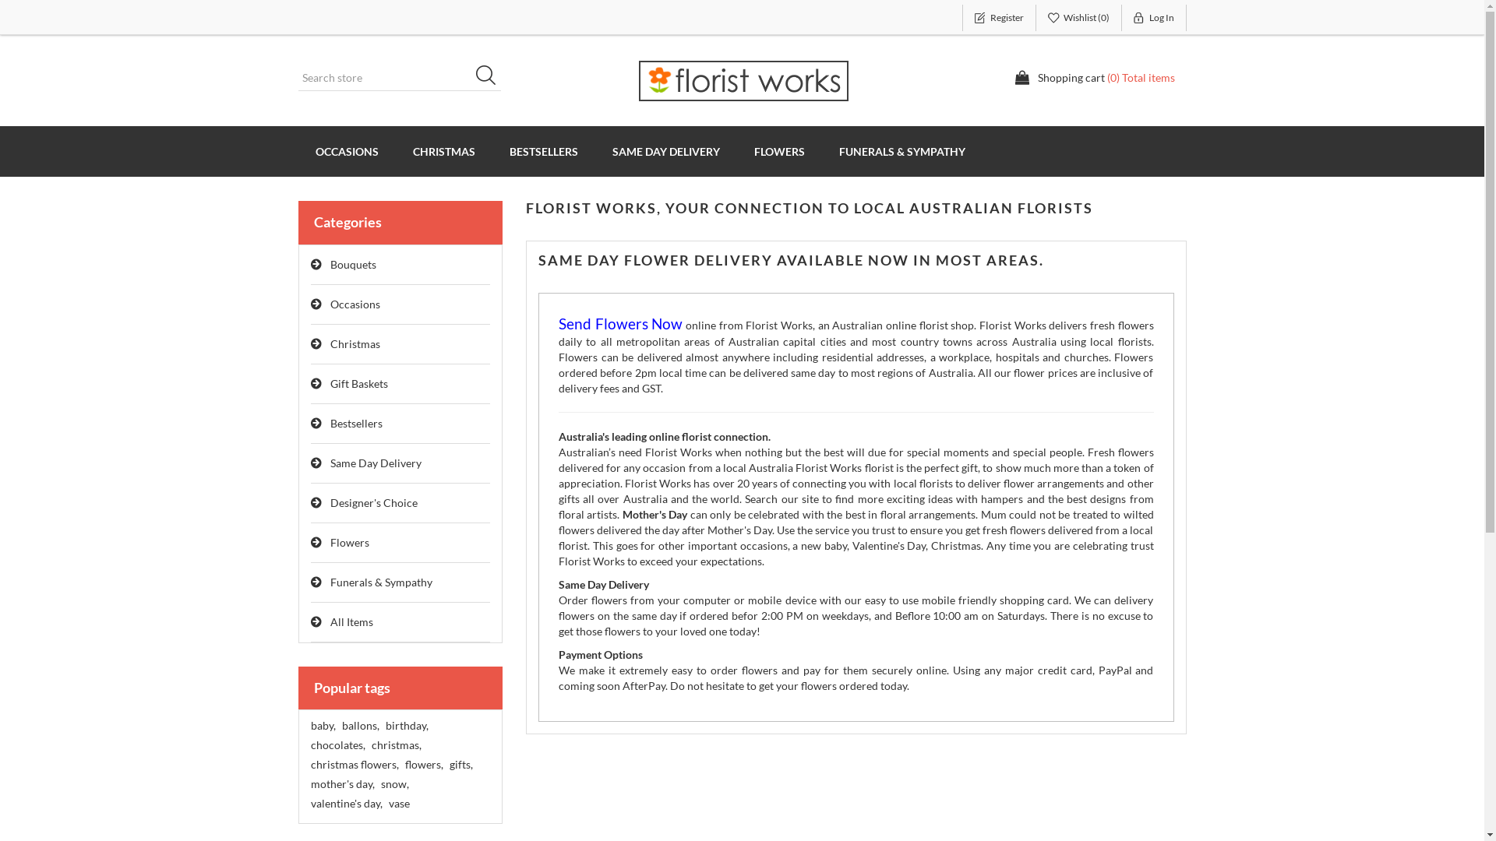 Image resolution: width=1496 pixels, height=841 pixels. Describe the element at coordinates (358, 726) in the screenshot. I see `'ballons,'` at that location.